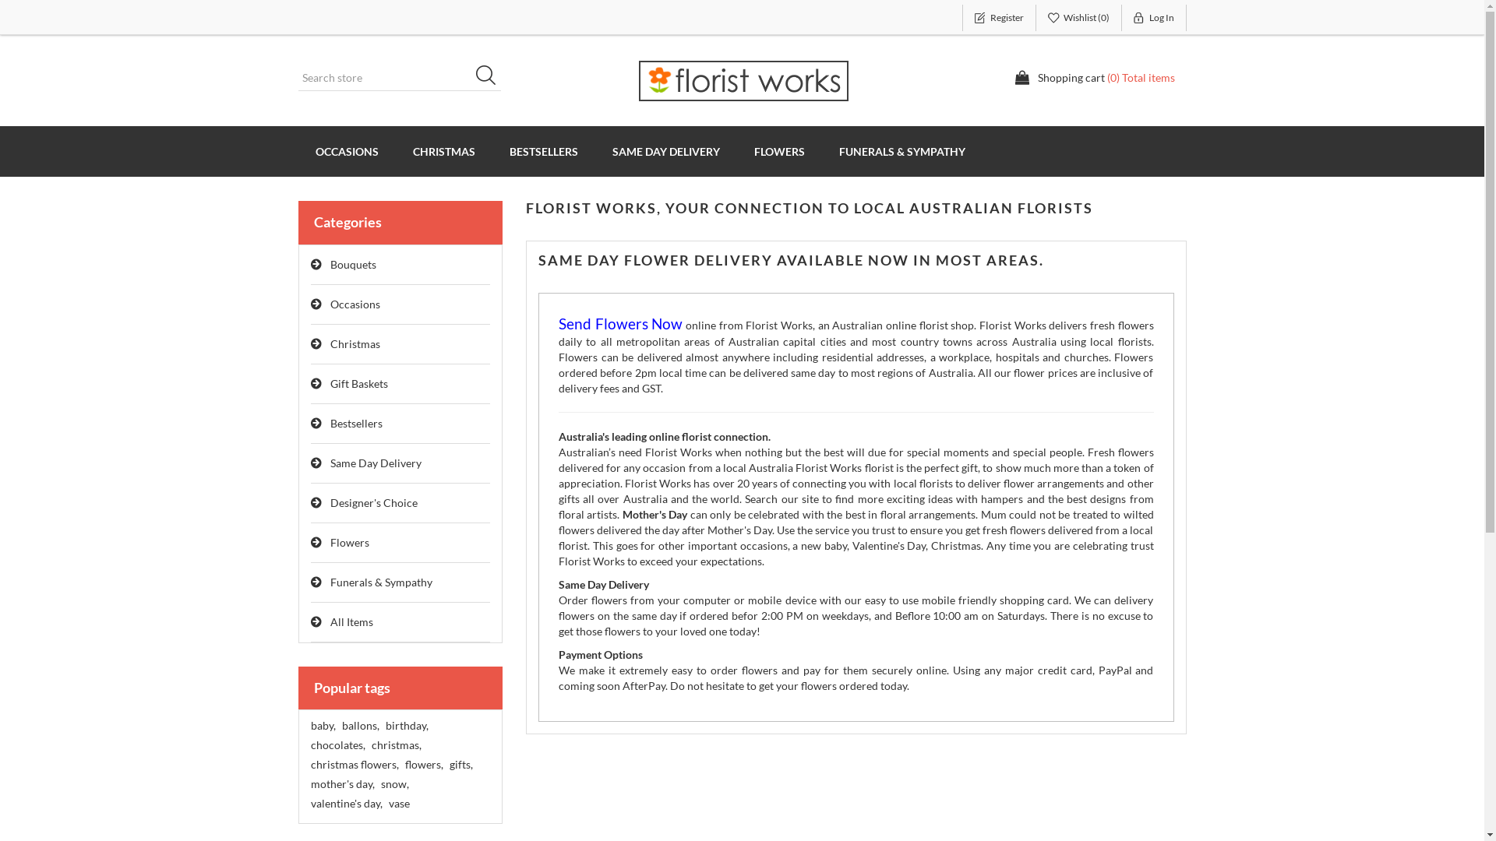 Image resolution: width=1496 pixels, height=841 pixels. Describe the element at coordinates (358, 726) in the screenshot. I see `'ballons,'` at that location.